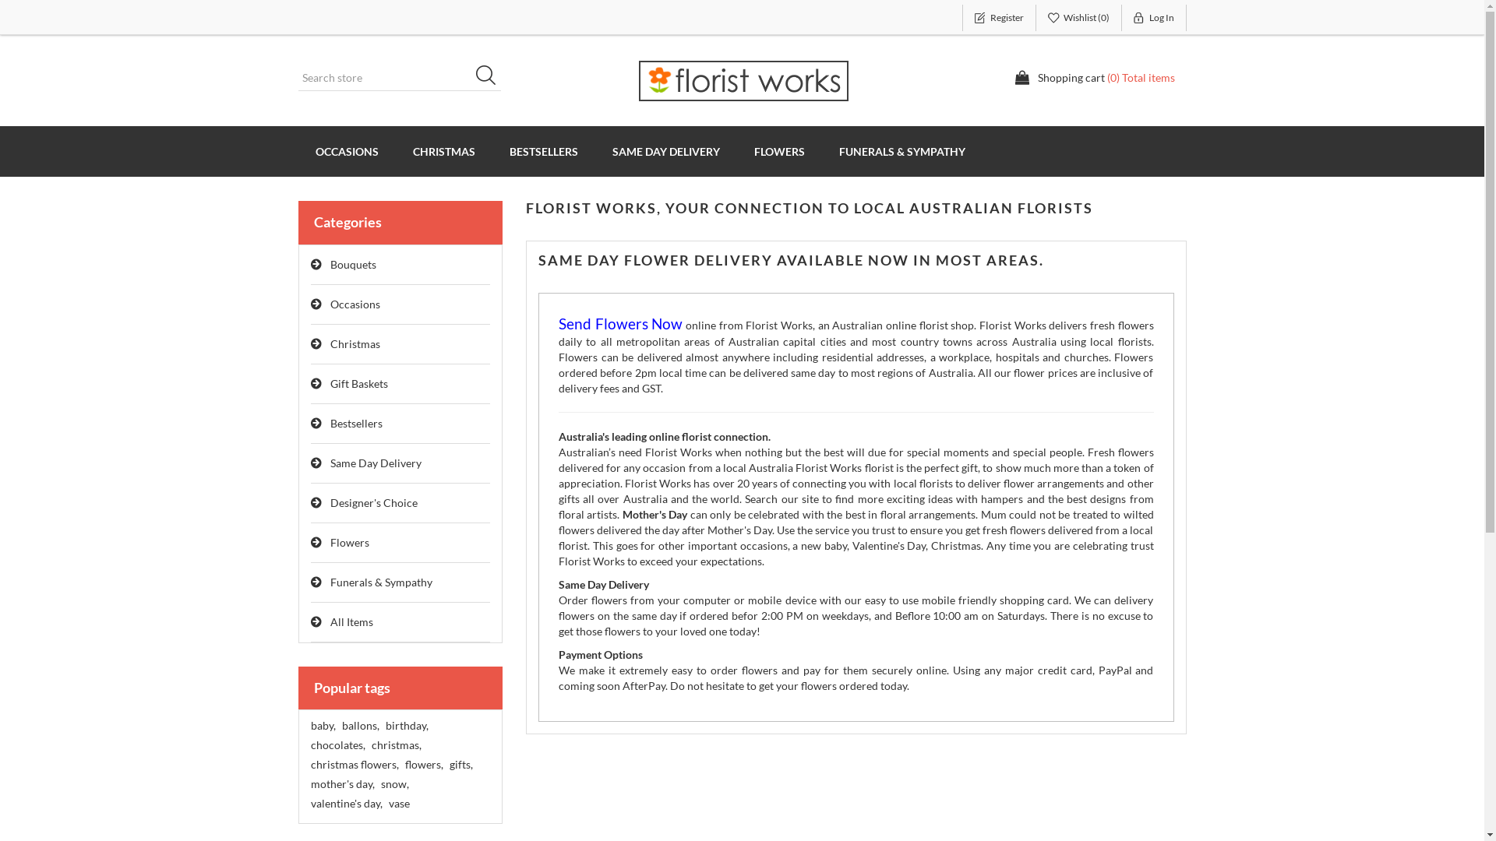 Image resolution: width=1496 pixels, height=841 pixels. Describe the element at coordinates (358, 726) in the screenshot. I see `'ballons,'` at that location.